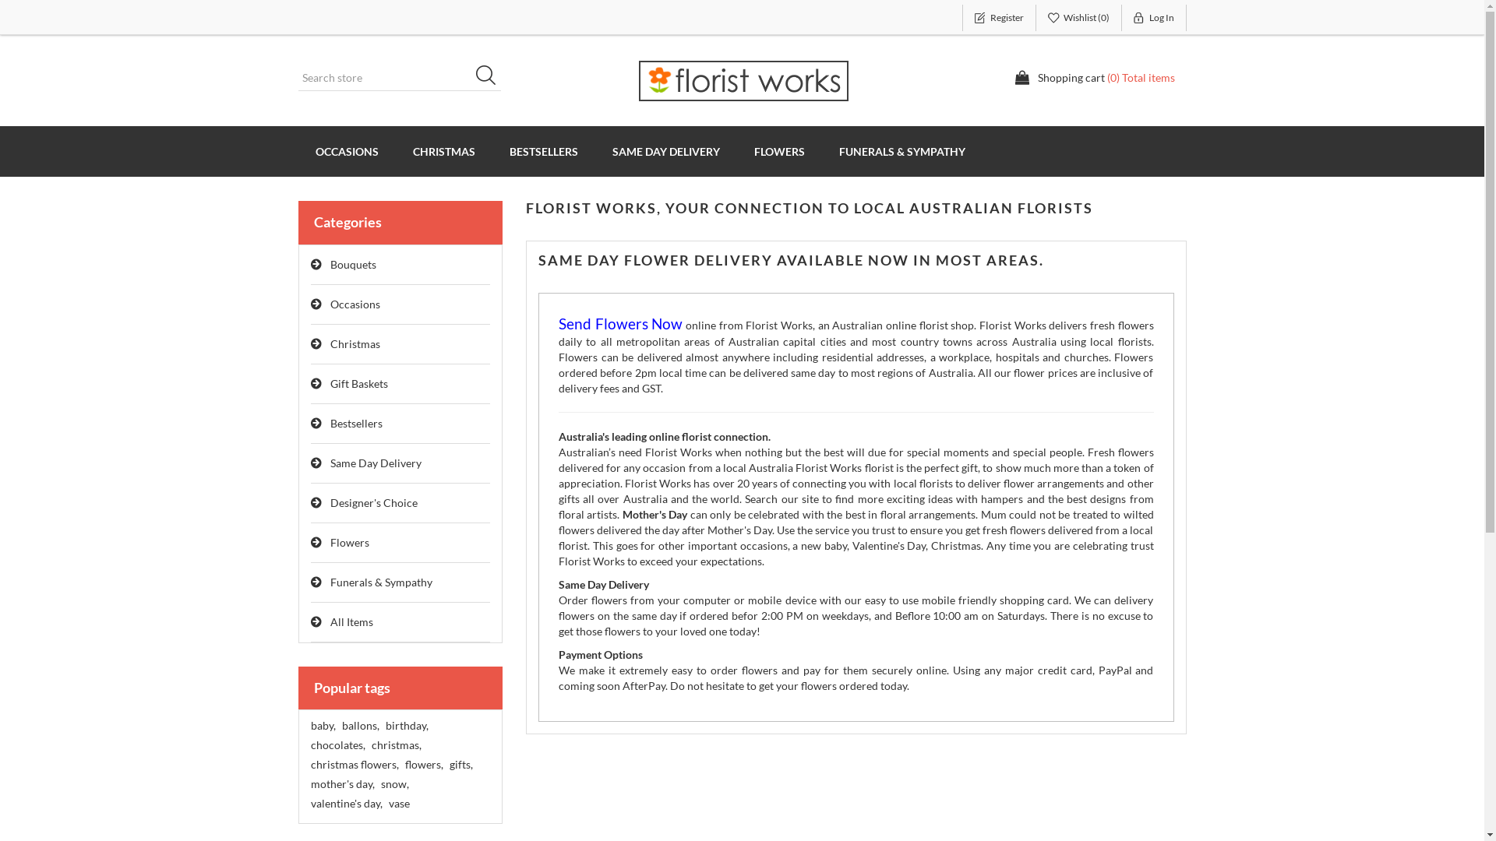 Image resolution: width=1496 pixels, height=841 pixels. Describe the element at coordinates (358, 726) in the screenshot. I see `'ballons,'` at that location.